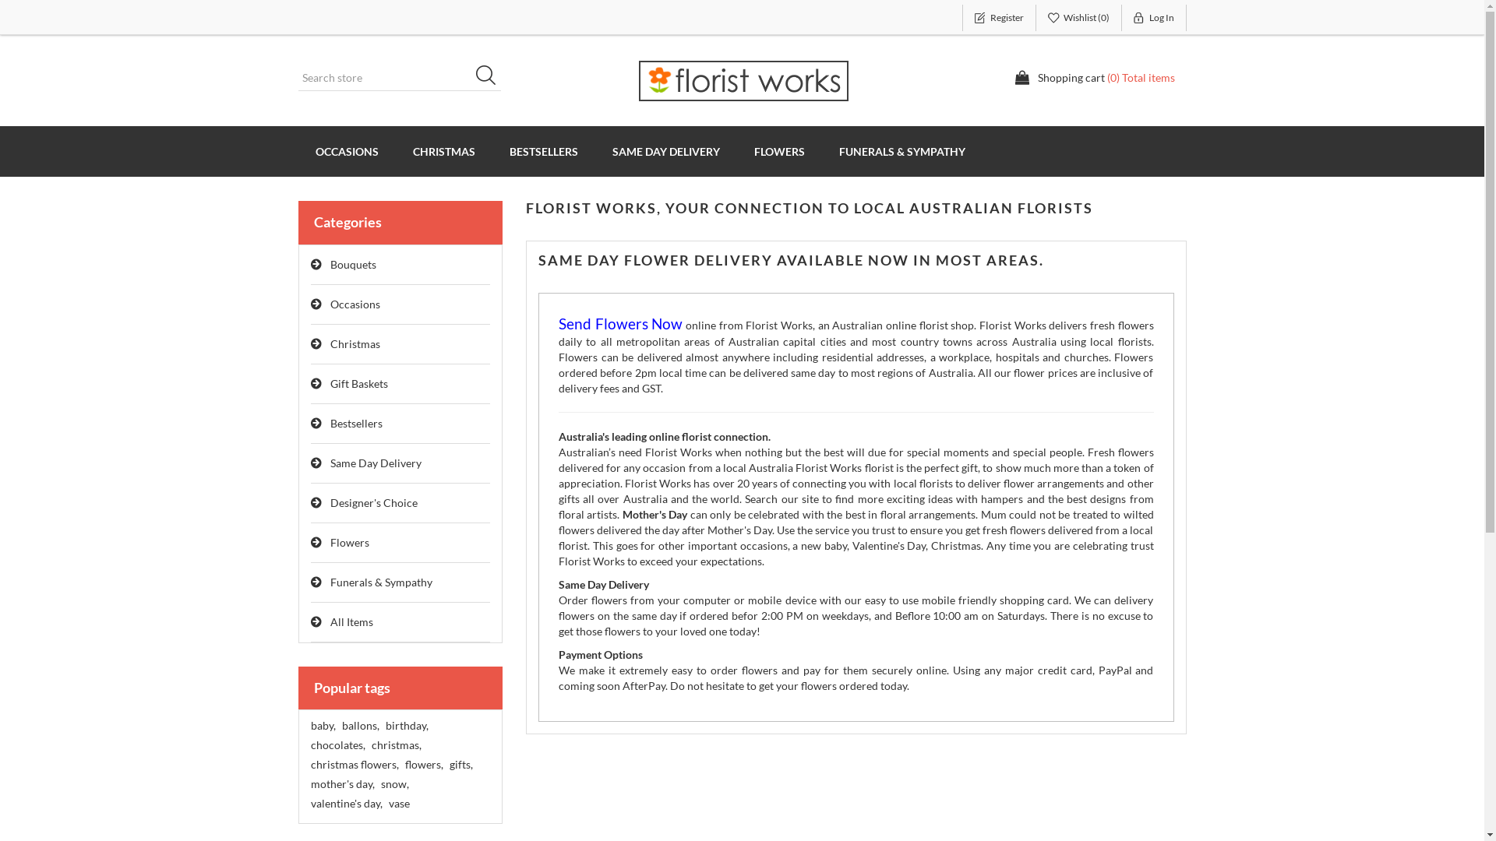 Image resolution: width=1496 pixels, height=841 pixels. Describe the element at coordinates (358, 726) in the screenshot. I see `'ballons,'` at that location.